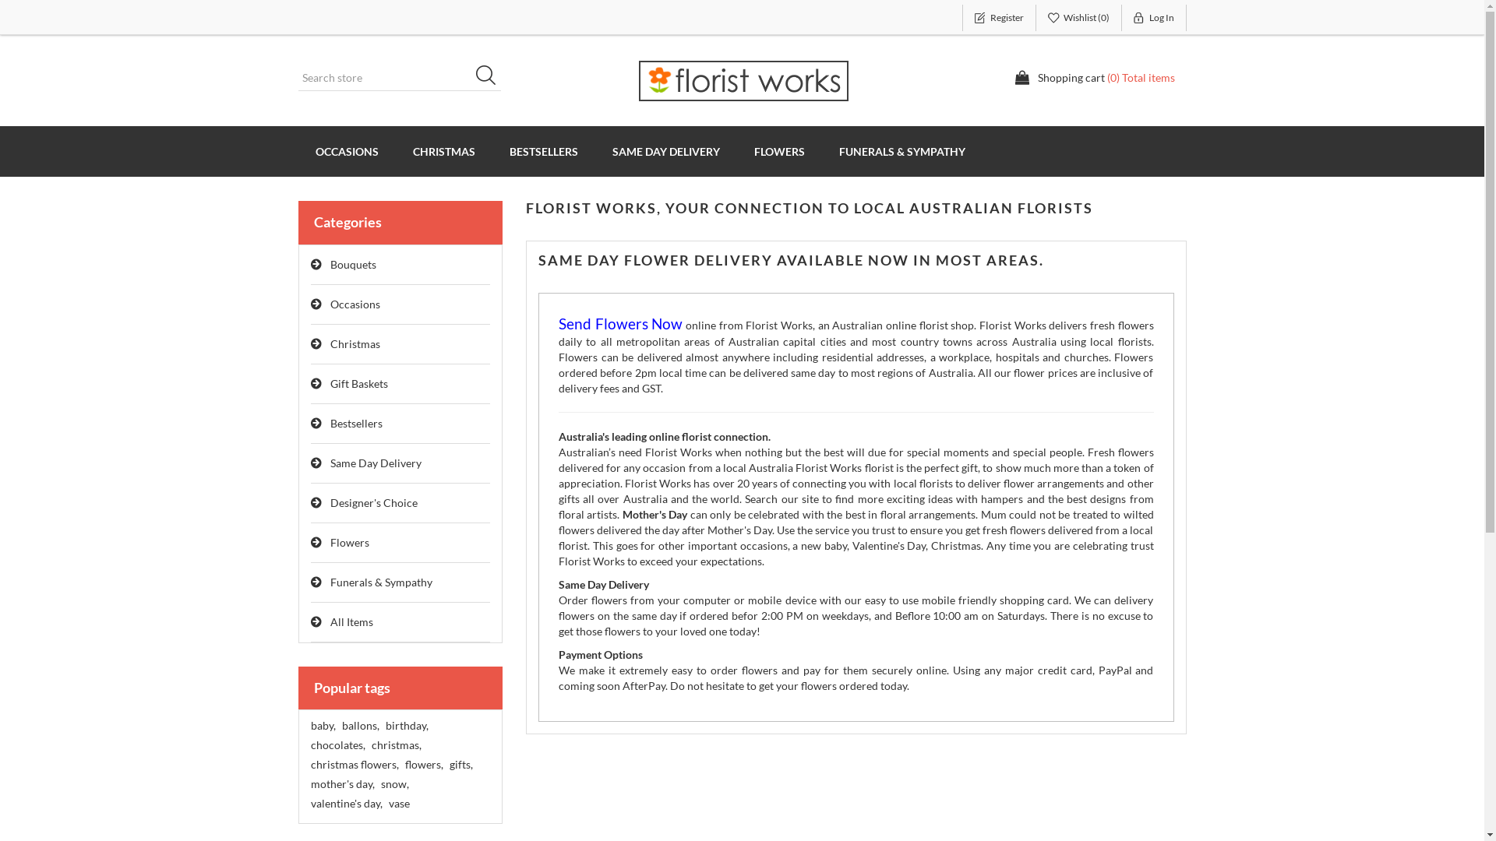 Image resolution: width=1496 pixels, height=841 pixels. Describe the element at coordinates (358, 726) in the screenshot. I see `'ballons,'` at that location.